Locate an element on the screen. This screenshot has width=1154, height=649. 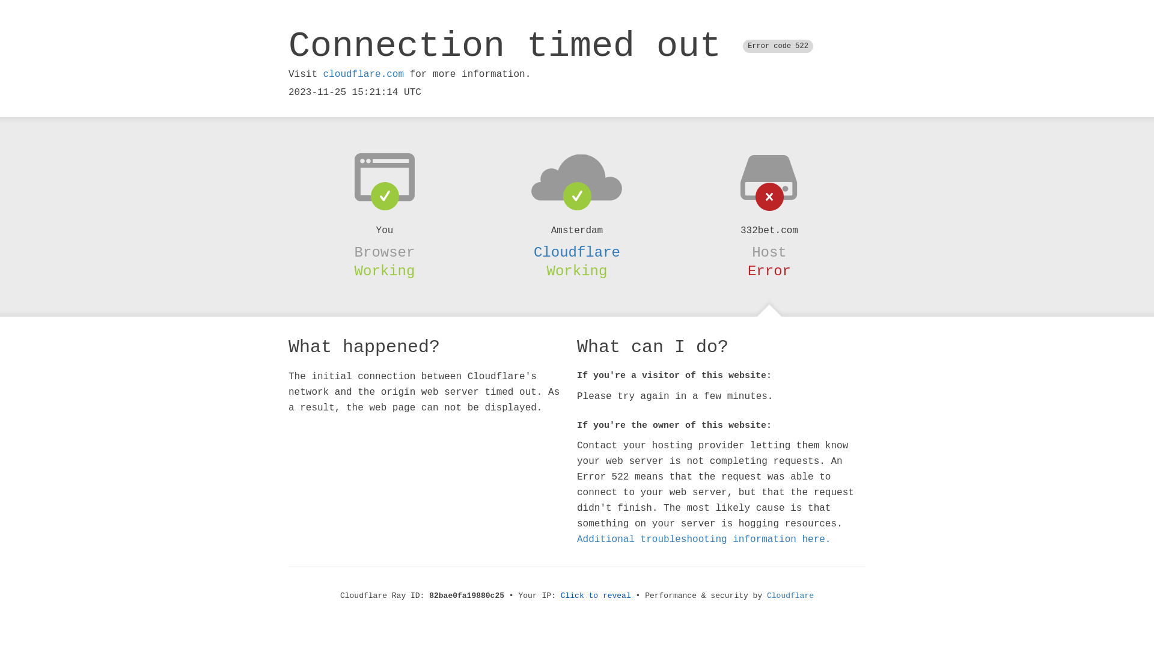
'Cloudflare' is located at coordinates (790, 596).